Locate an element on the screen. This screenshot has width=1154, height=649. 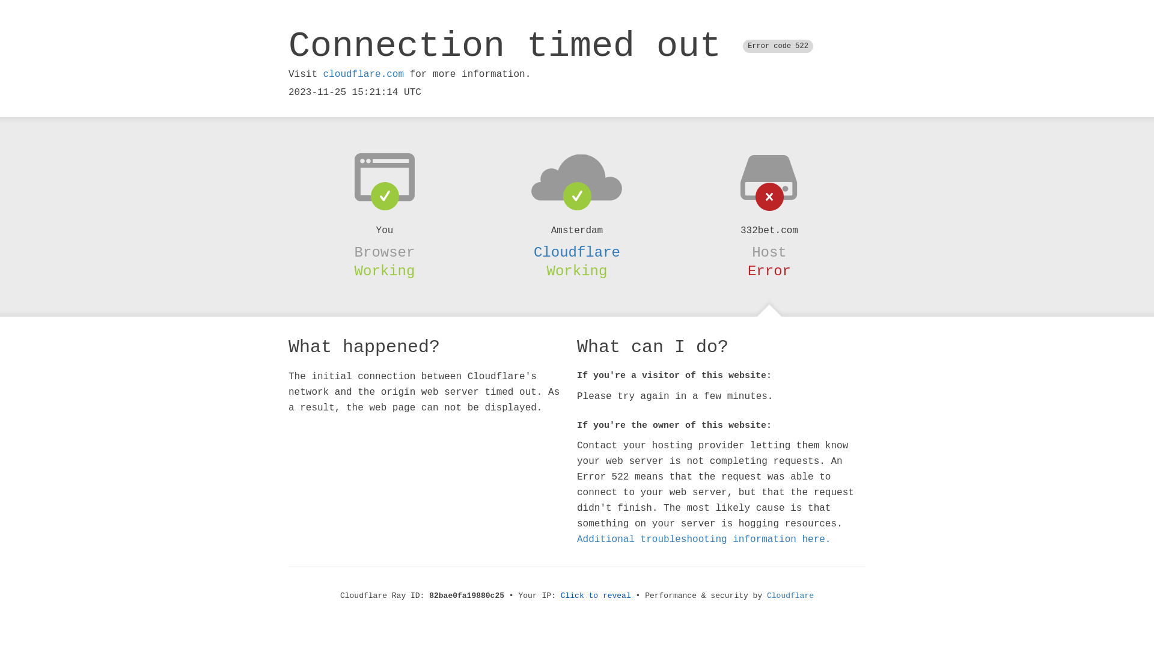
'Cloudflare' is located at coordinates (790, 596).